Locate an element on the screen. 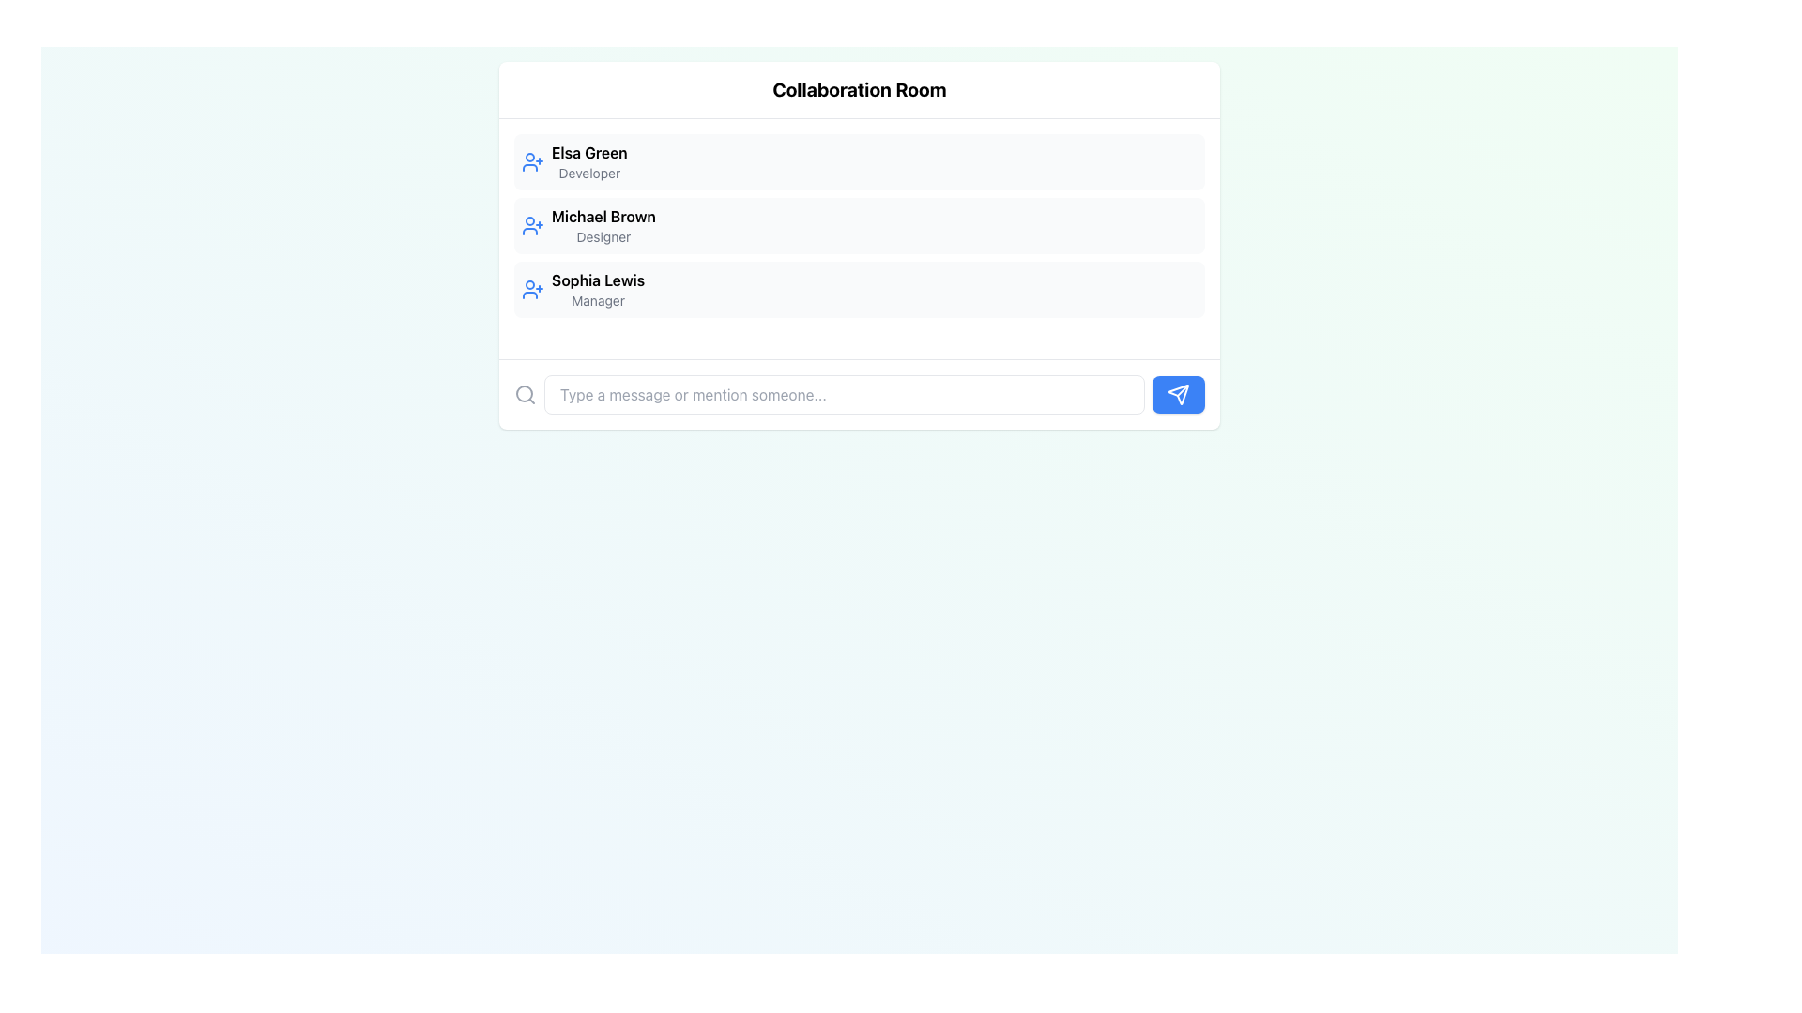  the search icon located at the bottom-left corner of the input area, which indicates the input field for searching or typing is located at coordinates (526, 393).